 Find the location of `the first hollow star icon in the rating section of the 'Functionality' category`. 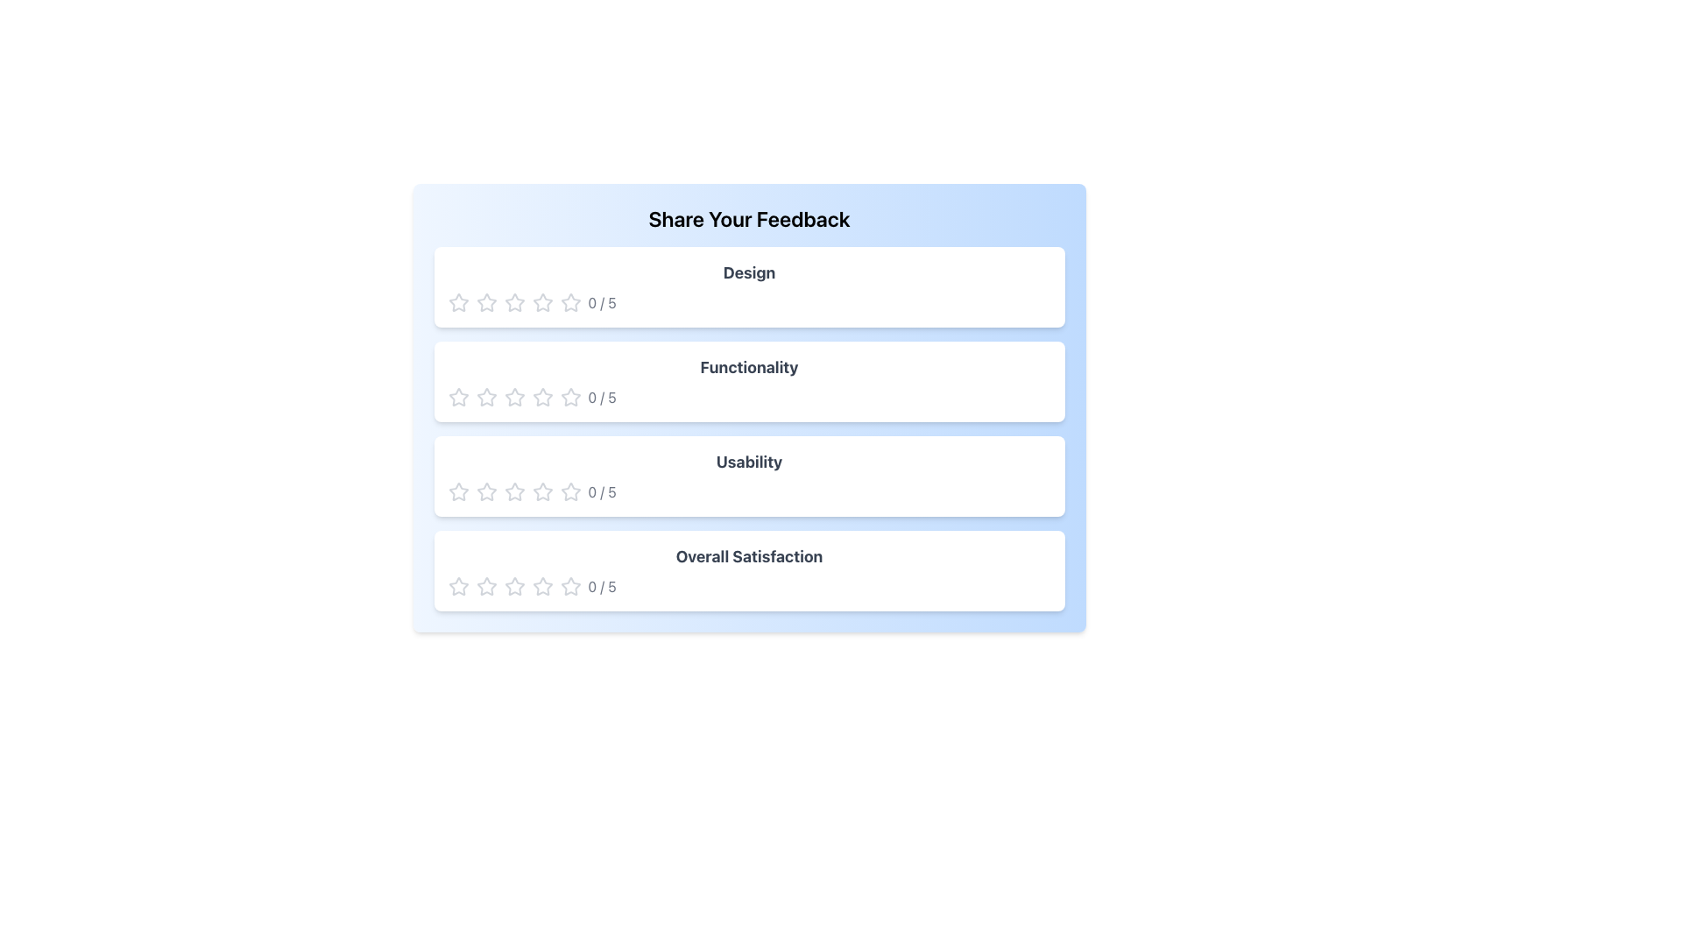

the first hollow star icon in the rating section of the 'Functionality' category is located at coordinates (458, 397).